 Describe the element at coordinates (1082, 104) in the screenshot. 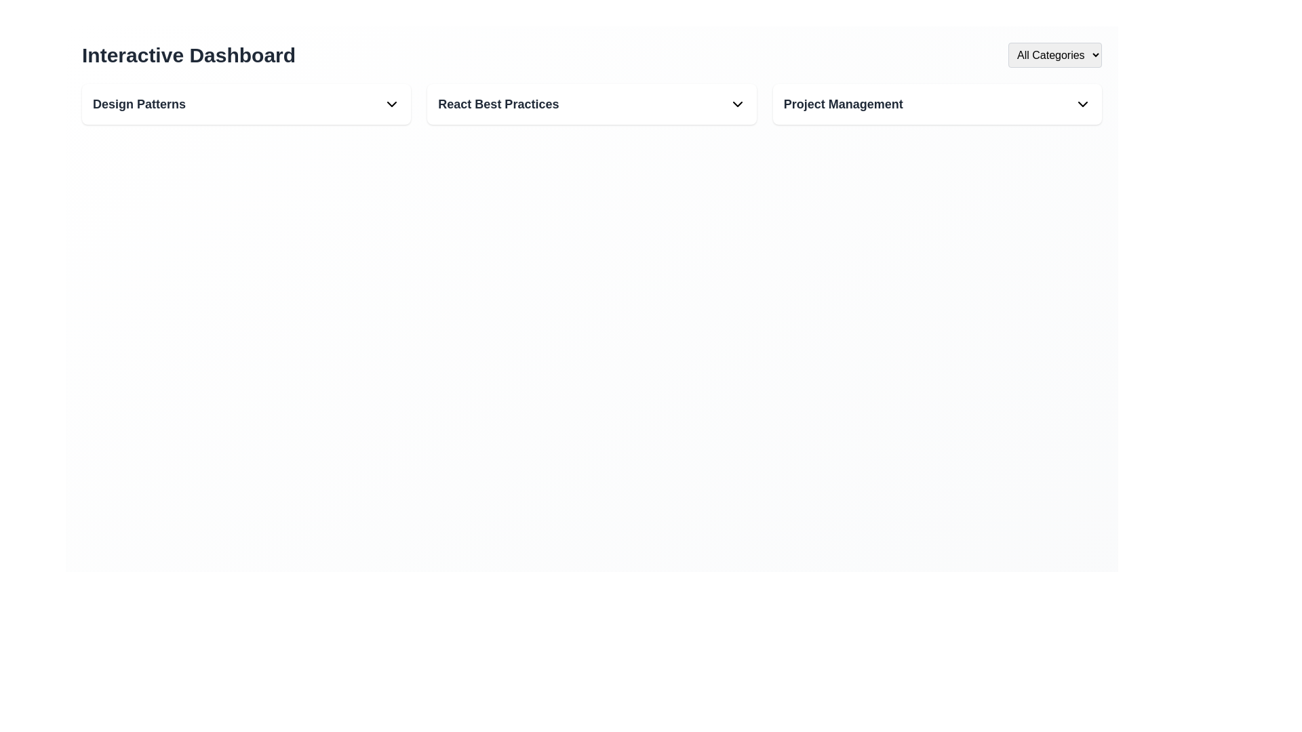

I see `the downward-pointing chevron icon button at the far-right end of the 'Project Management' section` at that location.